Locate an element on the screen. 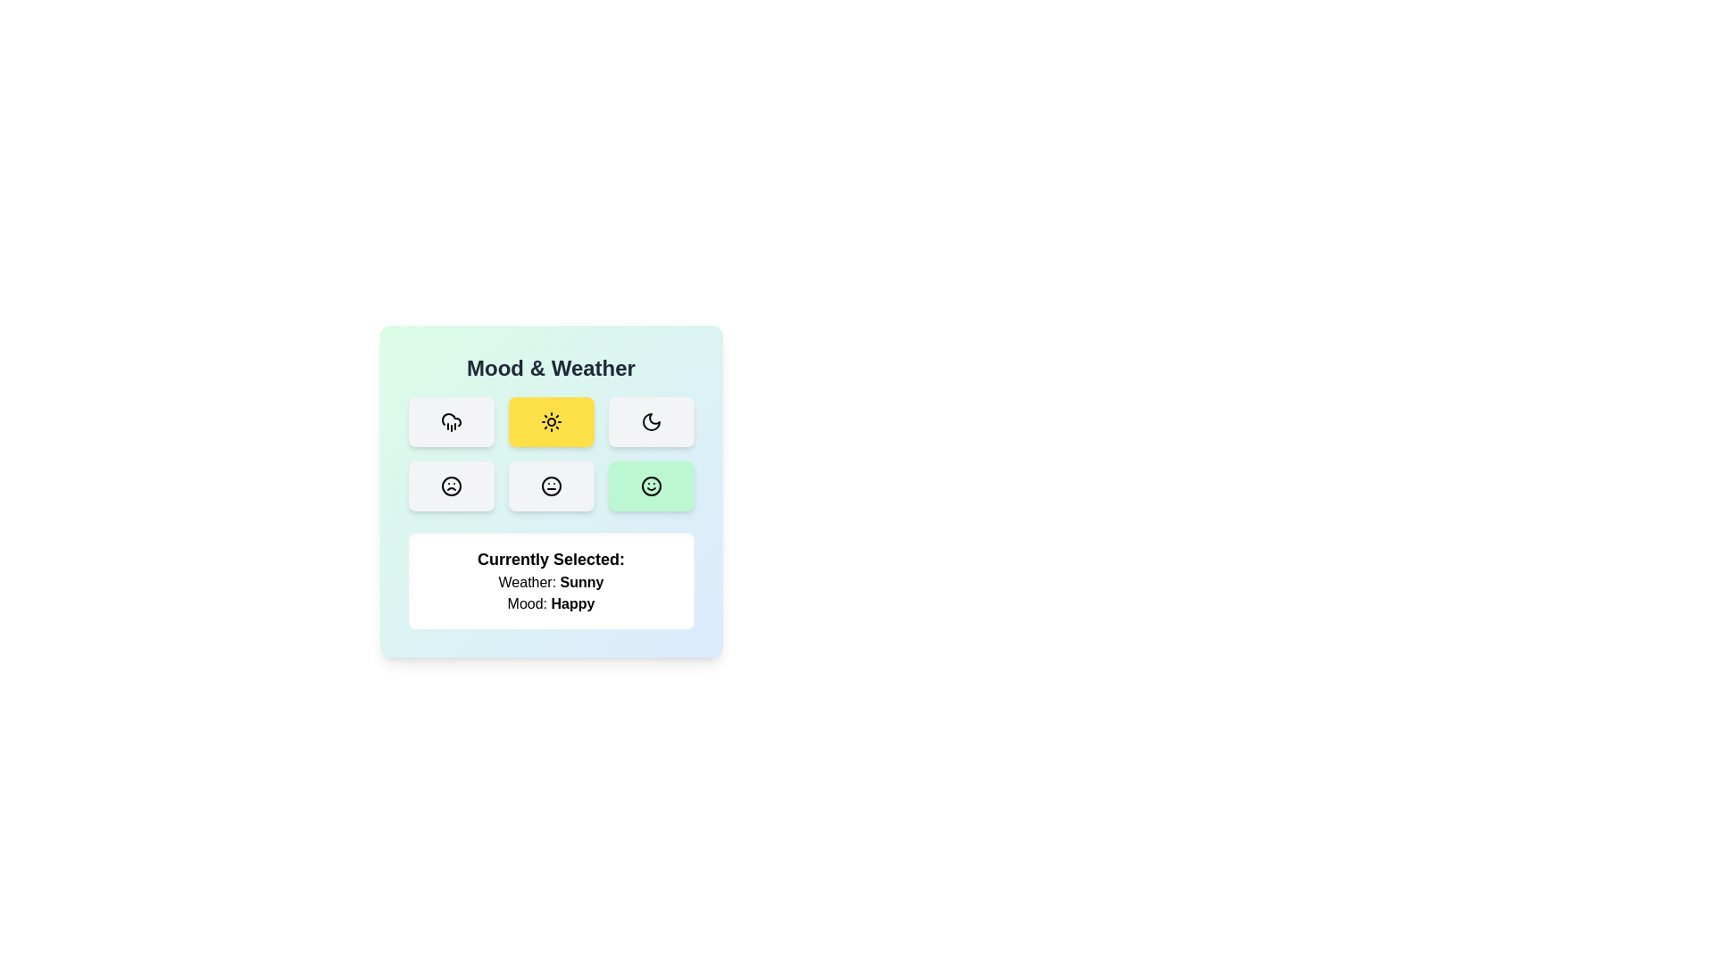  the Heading element that describes the section for selecting mood and weather options, which is centrally aligned above the selection icons is located at coordinates (550, 367).